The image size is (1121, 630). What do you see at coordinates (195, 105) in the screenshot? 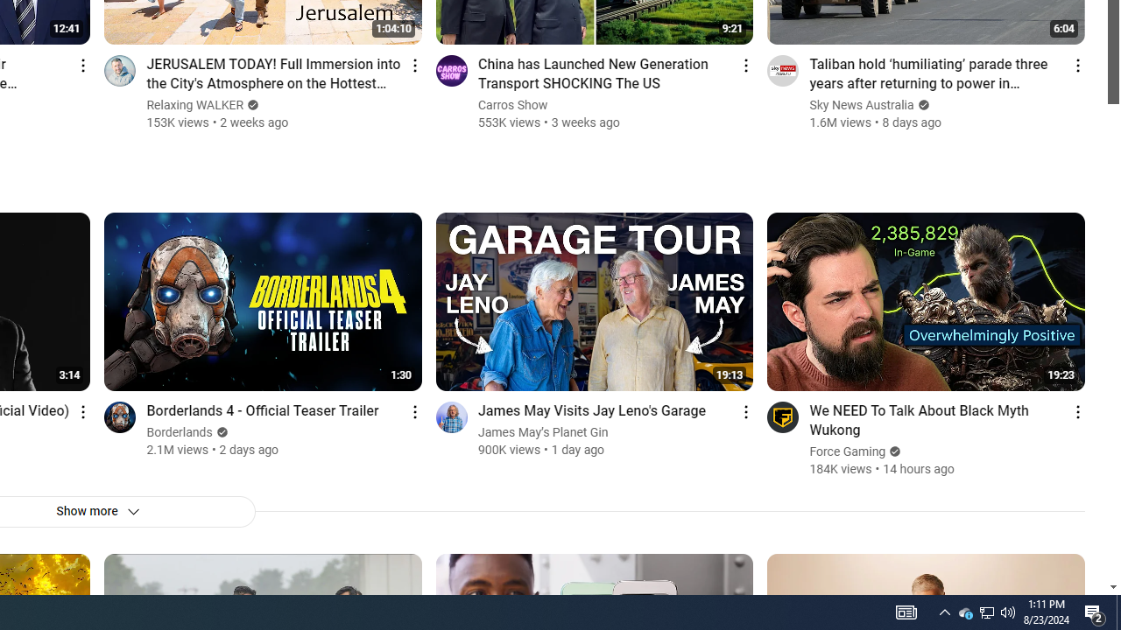
I see `'Relaxing WALKER'` at bounding box center [195, 105].